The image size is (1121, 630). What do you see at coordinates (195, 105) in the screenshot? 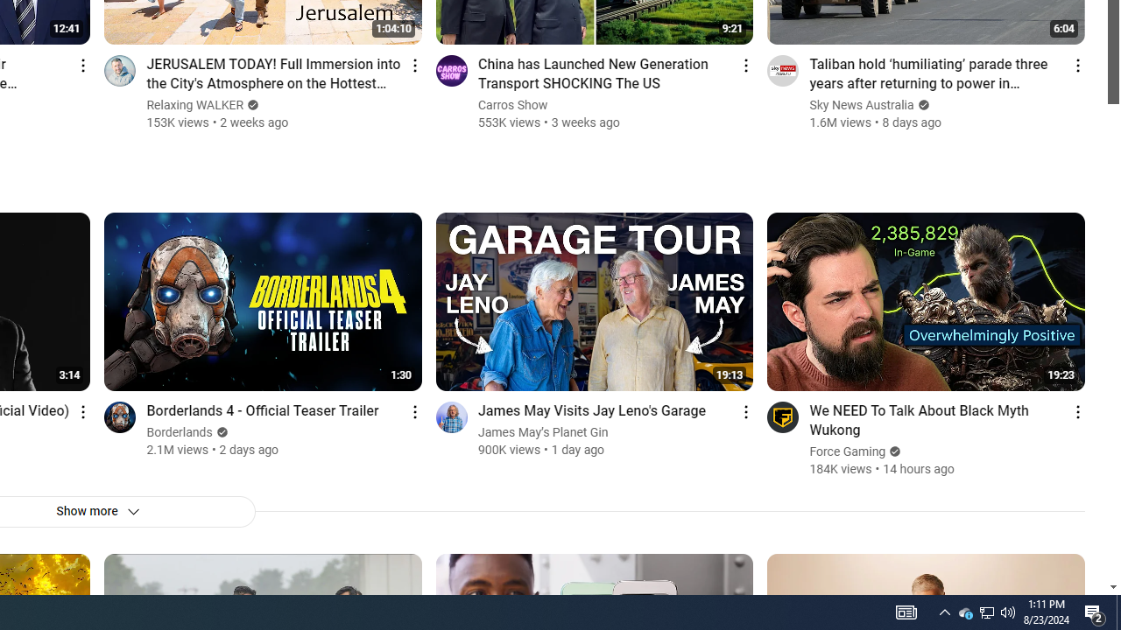
I see `'Relaxing WALKER'` at bounding box center [195, 105].